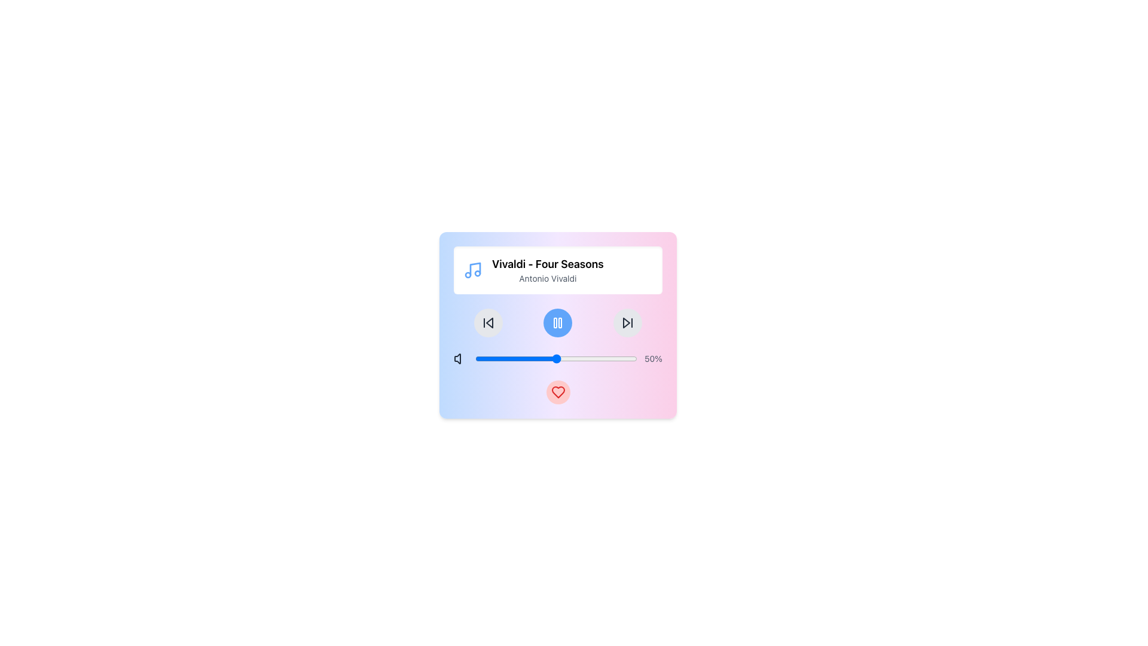 The height and width of the screenshot is (646, 1148). I want to click on the rightmost button in the music control panel to skip to the next track, so click(627, 323).